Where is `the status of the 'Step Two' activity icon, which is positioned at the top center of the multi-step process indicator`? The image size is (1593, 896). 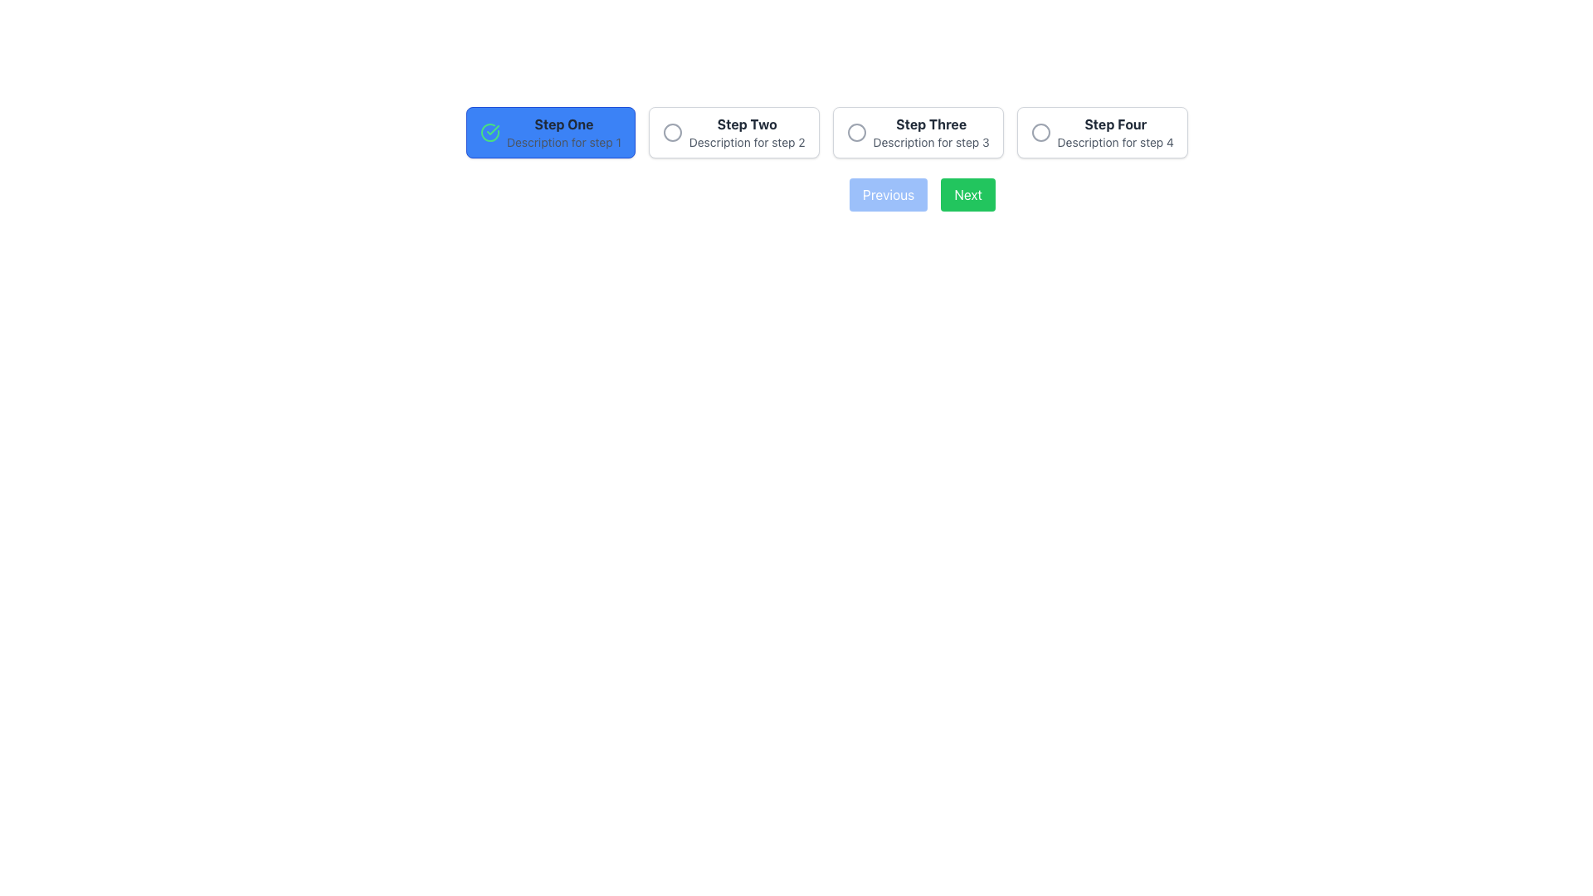
the status of the 'Step Two' activity icon, which is positioned at the top center of the multi-step process indicator is located at coordinates (672, 131).